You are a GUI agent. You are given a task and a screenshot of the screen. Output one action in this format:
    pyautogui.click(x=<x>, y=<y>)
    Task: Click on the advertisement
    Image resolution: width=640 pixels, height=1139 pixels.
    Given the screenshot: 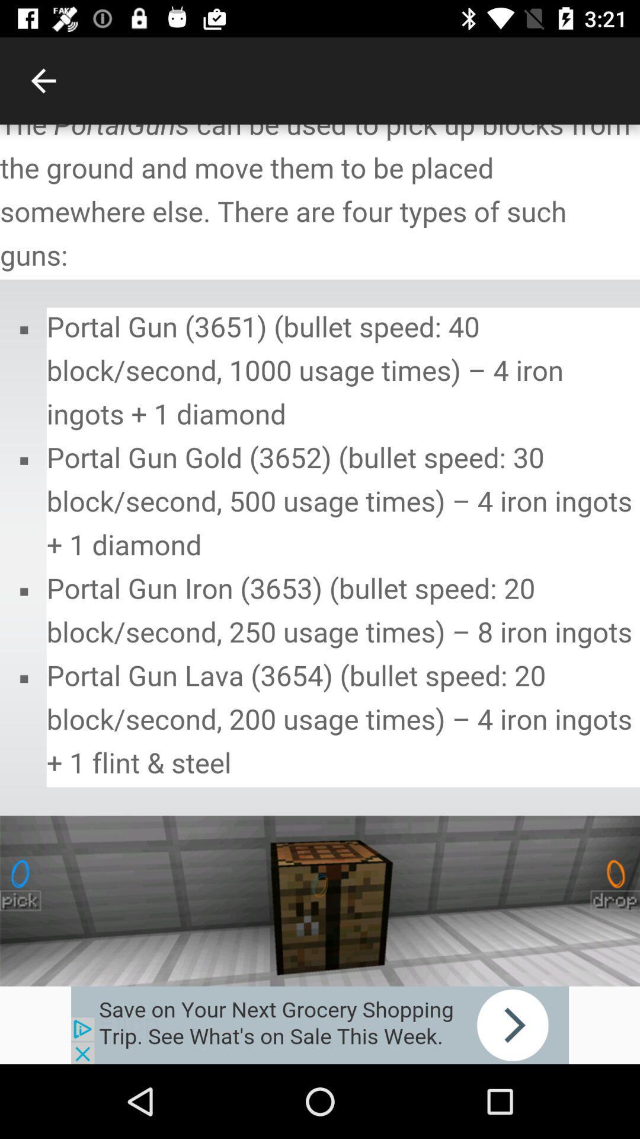 What is the action you would take?
    pyautogui.click(x=320, y=1025)
    